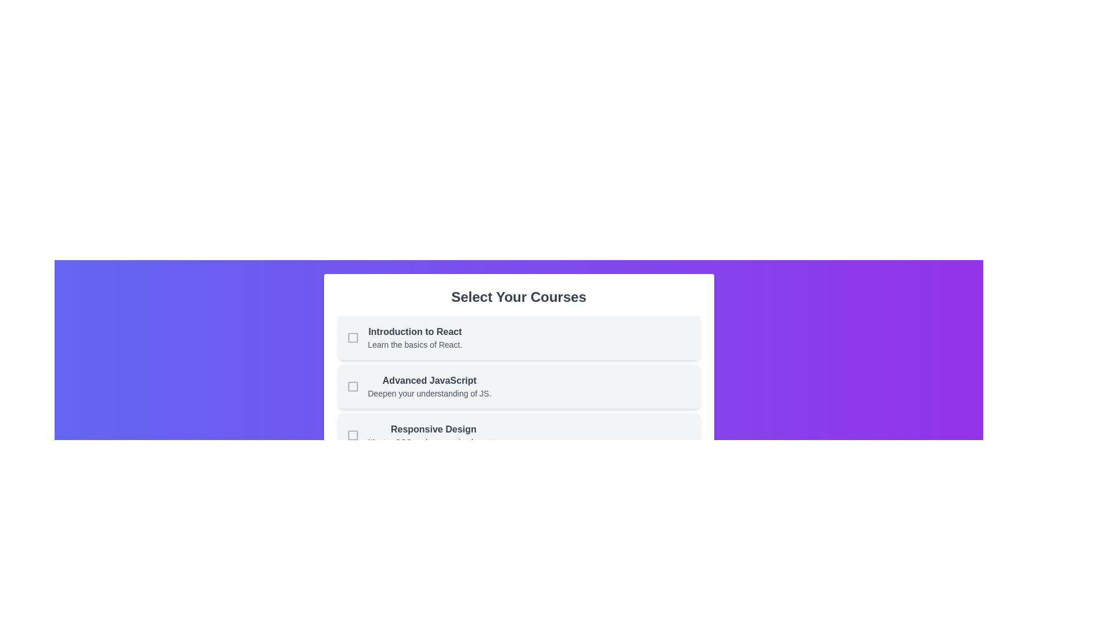  What do you see at coordinates (352, 435) in the screenshot?
I see `the checkbox corresponding to the course titled 'Responsive Design'` at bounding box center [352, 435].